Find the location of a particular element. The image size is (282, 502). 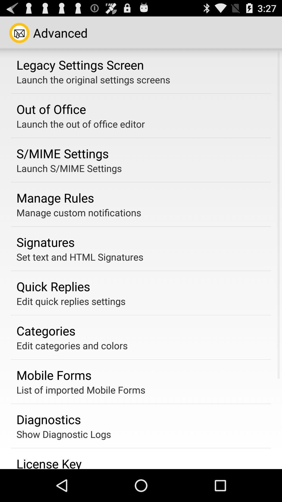

the icon below categories is located at coordinates (72, 345).